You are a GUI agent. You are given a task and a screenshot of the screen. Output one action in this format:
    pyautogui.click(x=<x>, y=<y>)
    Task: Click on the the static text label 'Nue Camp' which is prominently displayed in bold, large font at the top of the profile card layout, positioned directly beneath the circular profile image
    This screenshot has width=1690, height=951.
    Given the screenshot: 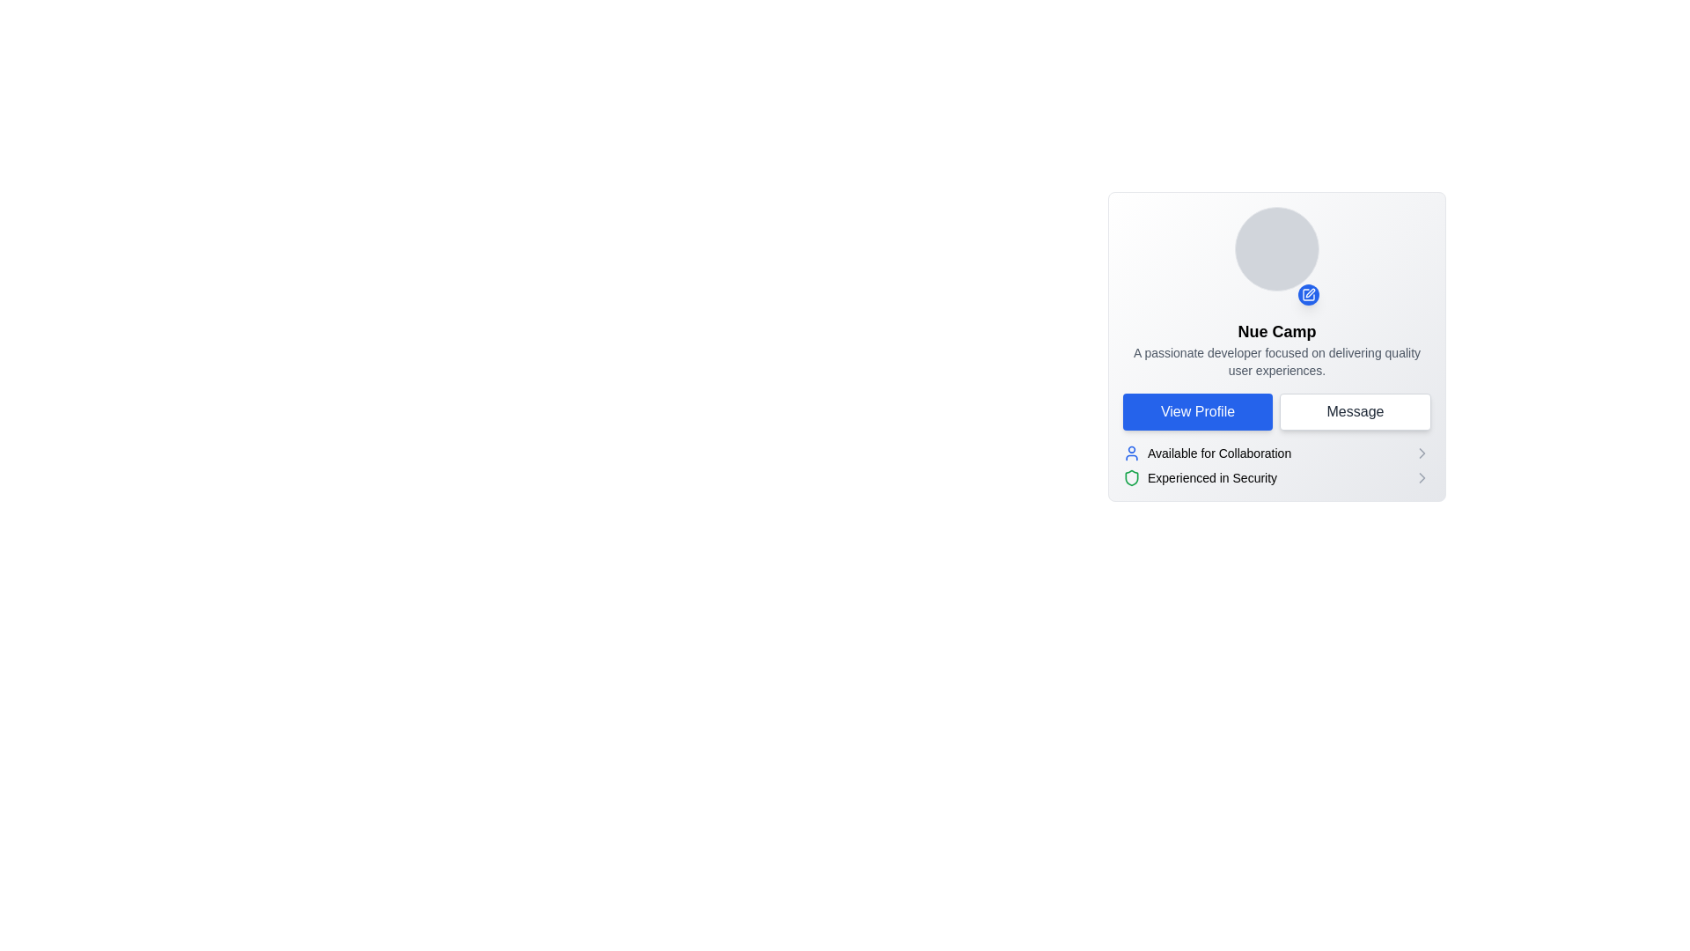 What is the action you would take?
    pyautogui.click(x=1276, y=332)
    